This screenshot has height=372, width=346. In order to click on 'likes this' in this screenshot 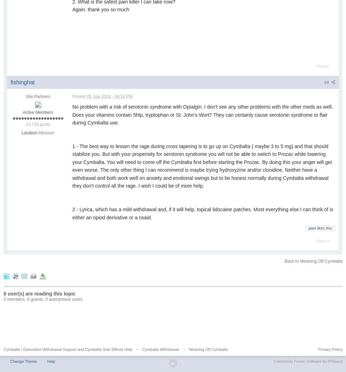, I will do `click(323, 227)`.